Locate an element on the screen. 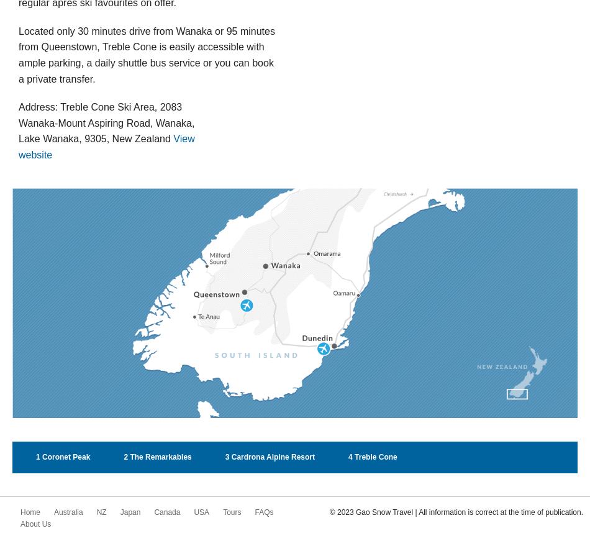 This screenshot has width=590, height=541. 'Australia' is located at coordinates (68, 511).